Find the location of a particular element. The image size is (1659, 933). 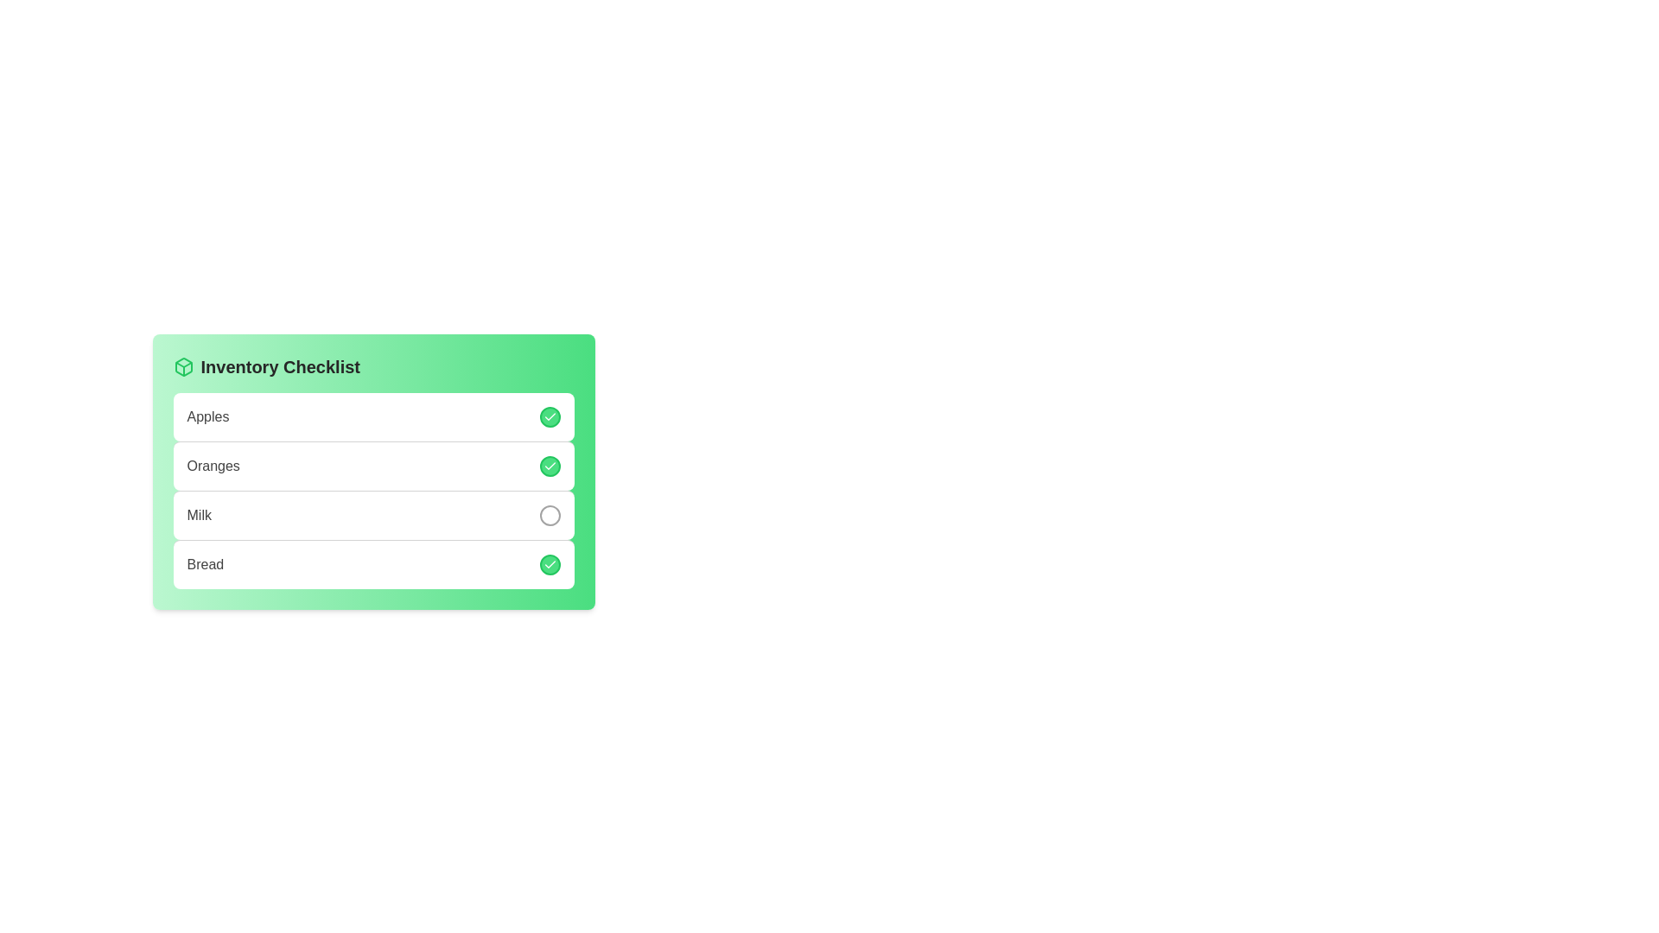

the last item in the inventory checklist labeled 'Bread' is located at coordinates (372, 564).